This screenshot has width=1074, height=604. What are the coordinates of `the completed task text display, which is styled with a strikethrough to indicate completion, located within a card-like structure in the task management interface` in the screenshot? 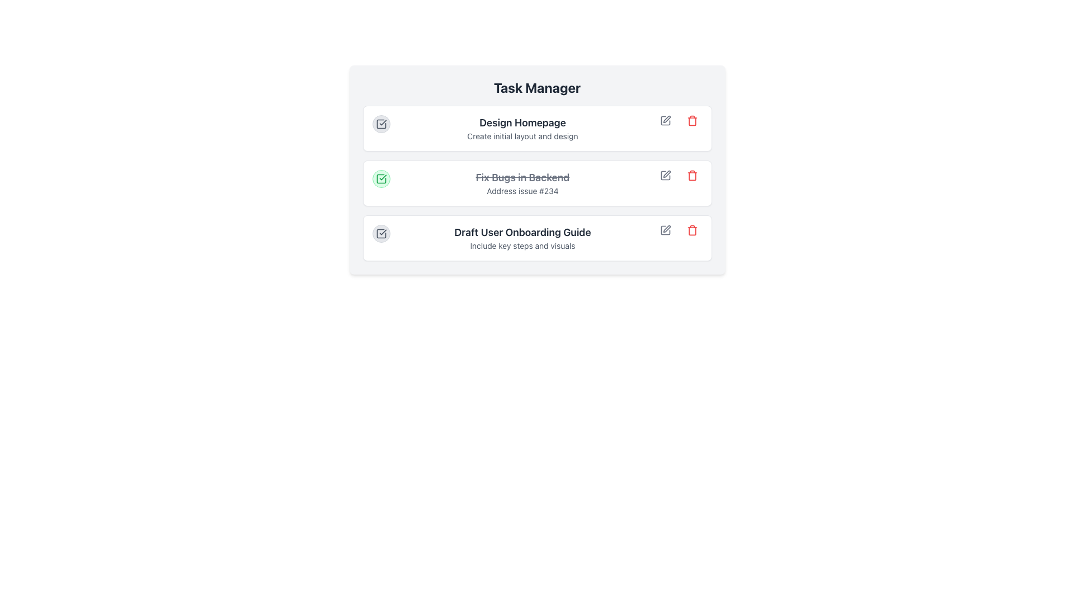 It's located at (522, 182).